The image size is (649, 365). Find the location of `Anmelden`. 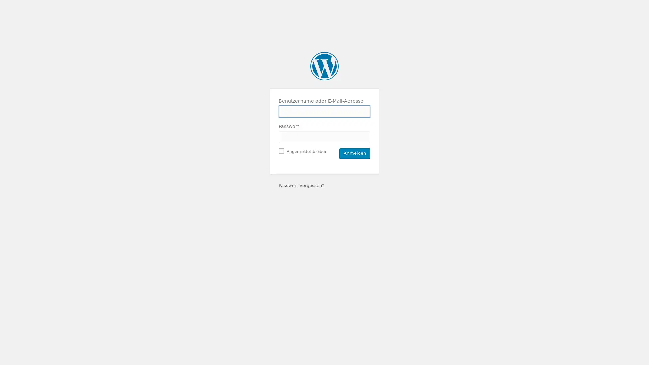

Anmelden is located at coordinates (355, 153).